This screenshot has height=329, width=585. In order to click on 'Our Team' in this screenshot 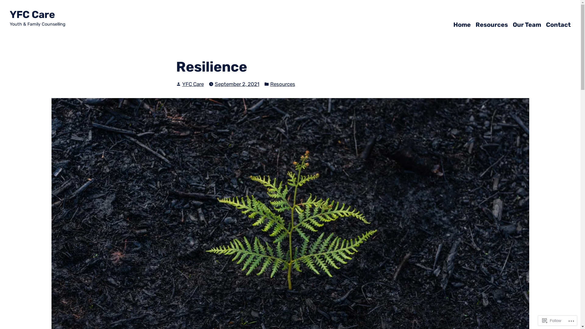, I will do `click(526, 24)`.